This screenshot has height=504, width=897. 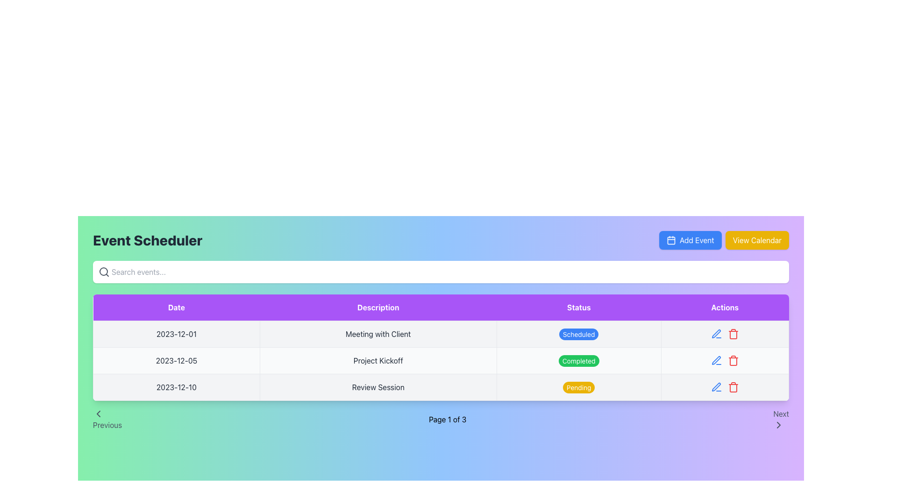 I want to click on the pencil icon in the Actions column, so click(x=716, y=360).